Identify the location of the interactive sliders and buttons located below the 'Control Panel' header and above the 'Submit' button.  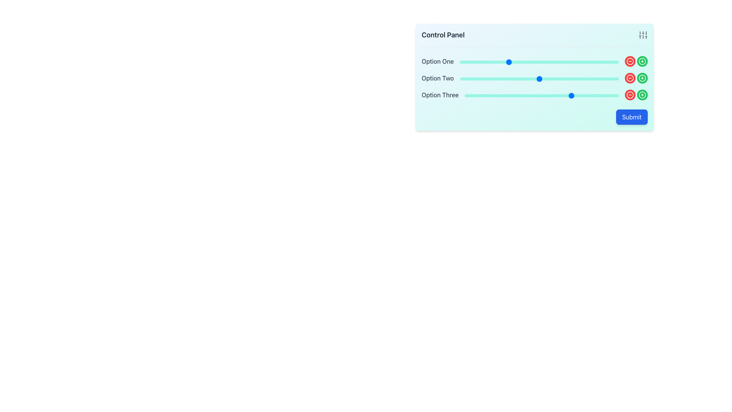
(534, 78).